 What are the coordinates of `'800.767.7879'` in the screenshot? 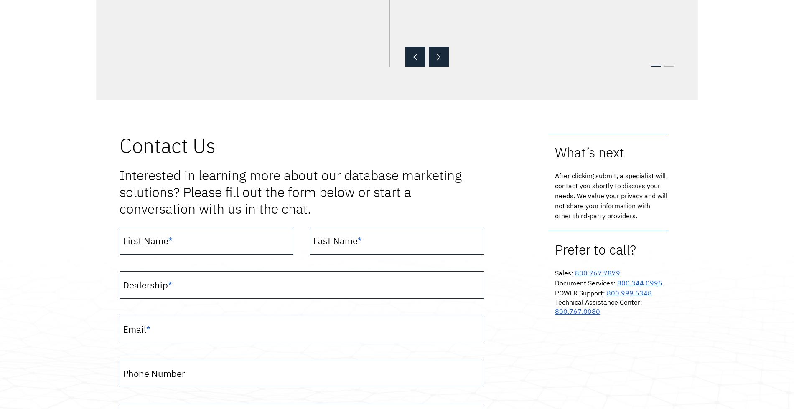 It's located at (597, 273).